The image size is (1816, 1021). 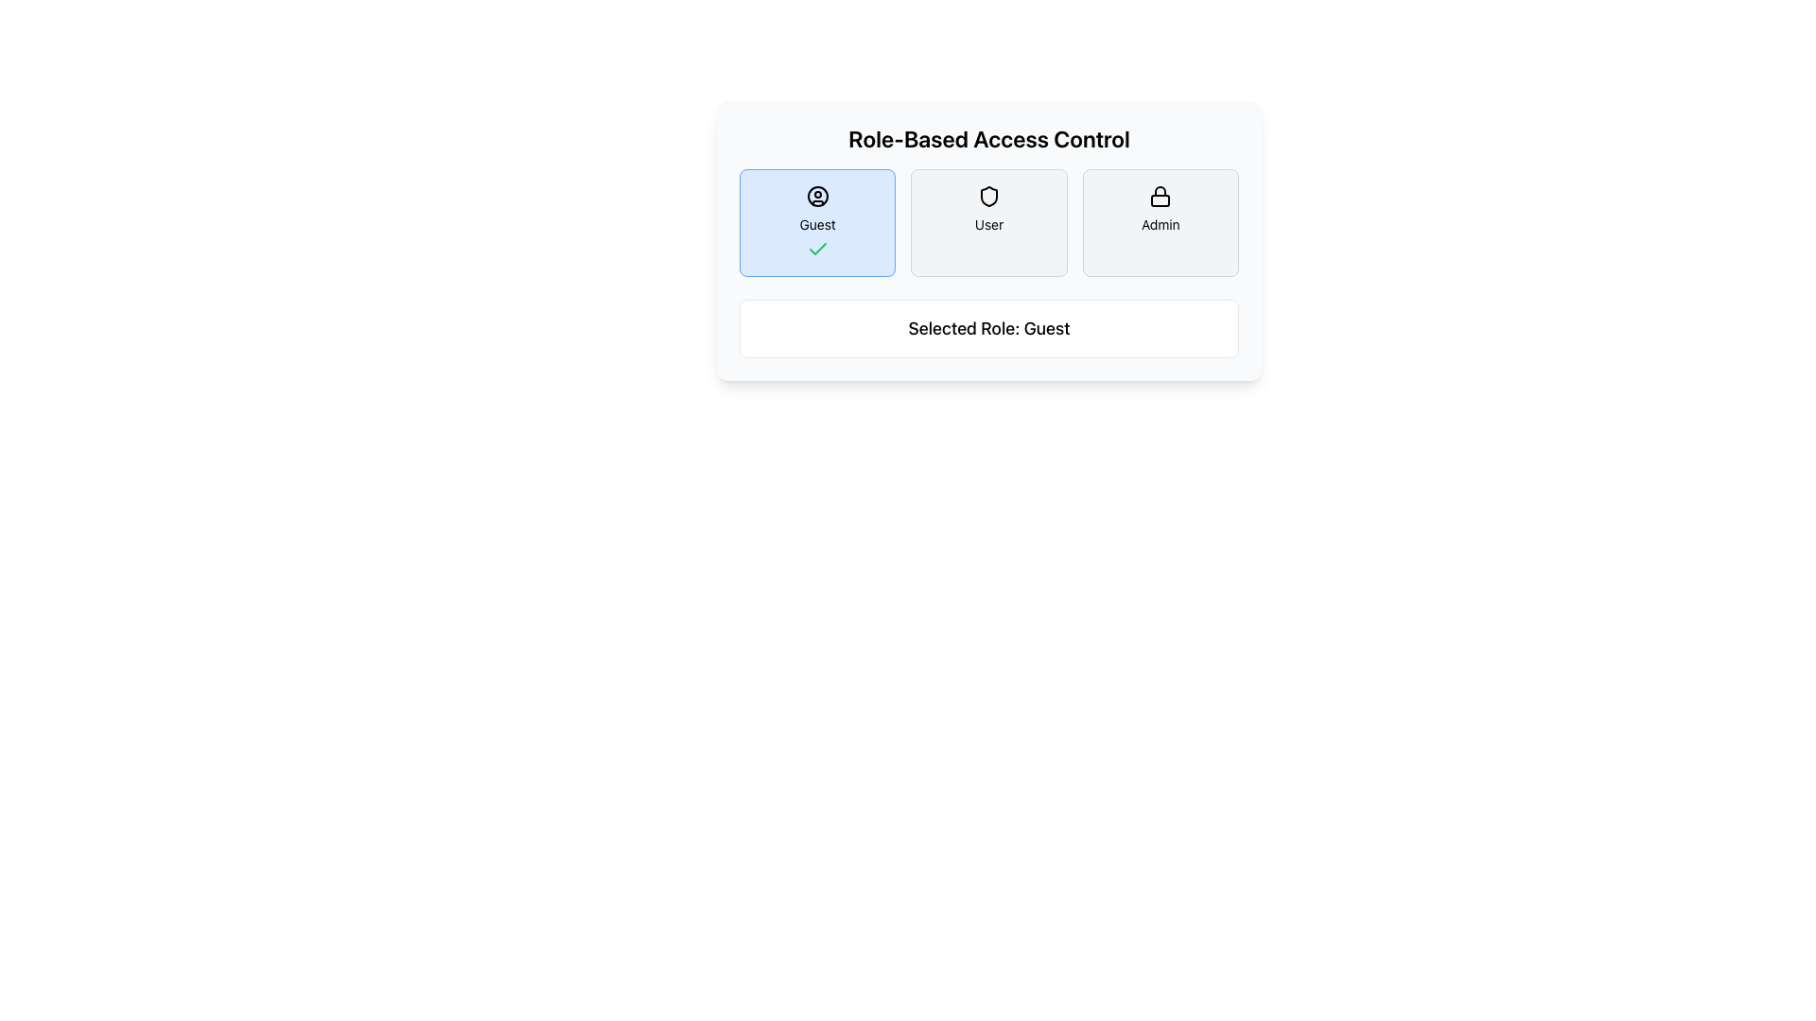 I want to click on the static text label reading 'User', which is styled in a small sans-serif font and located at the bottom-center of the central card representing role selection, so click(x=988, y=224).